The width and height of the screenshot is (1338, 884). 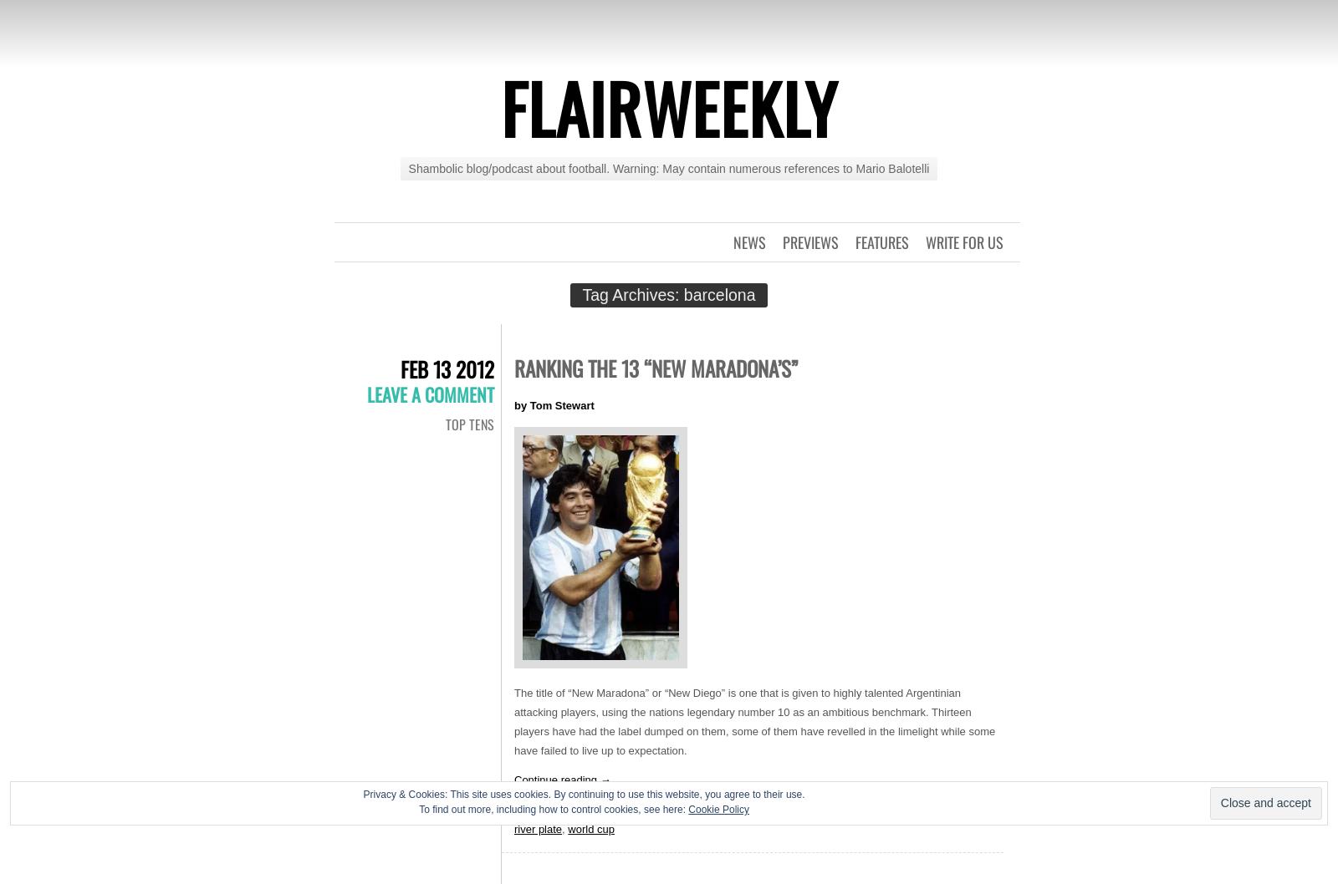 What do you see at coordinates (732, 241) in the screenshot?
I see `'News'` at bounding box center [732, 241].